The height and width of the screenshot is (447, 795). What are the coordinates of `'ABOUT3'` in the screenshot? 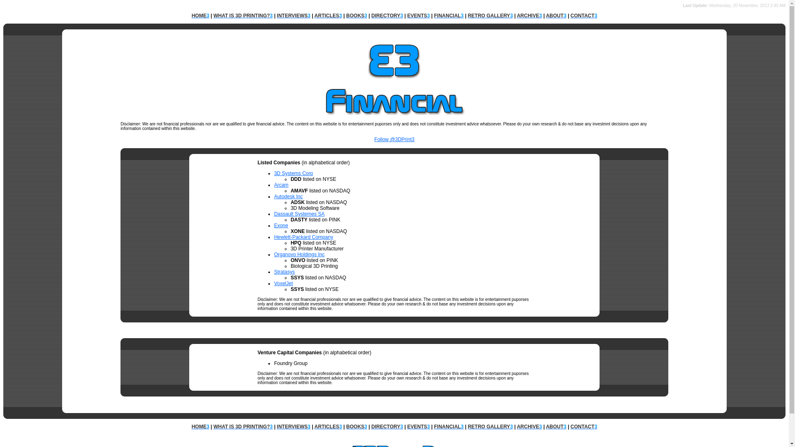 It's located at (556, 16).